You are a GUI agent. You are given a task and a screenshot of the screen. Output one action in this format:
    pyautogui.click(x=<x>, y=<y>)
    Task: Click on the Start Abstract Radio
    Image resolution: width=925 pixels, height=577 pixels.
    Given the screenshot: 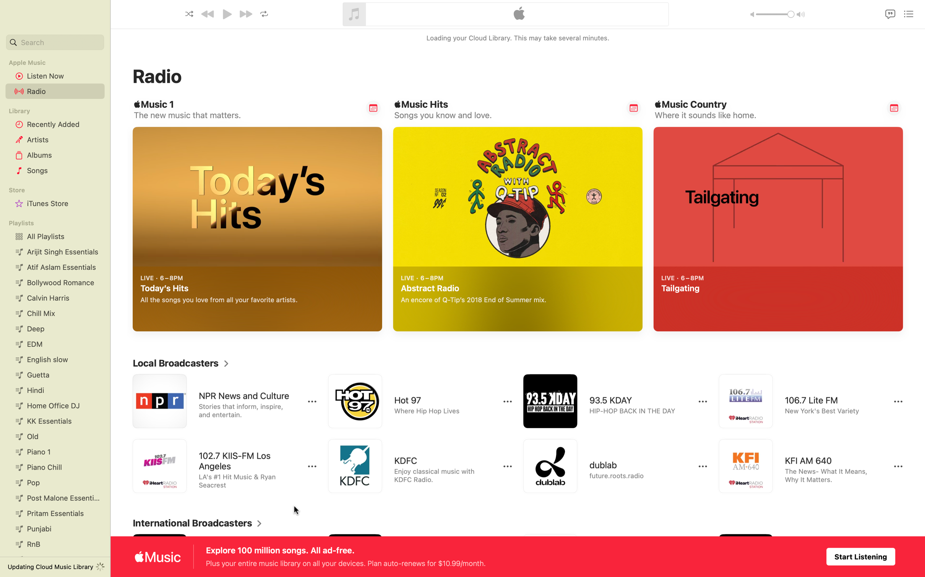 What is the action you would take?
    pyautogui.click(x=626, y=315)
    